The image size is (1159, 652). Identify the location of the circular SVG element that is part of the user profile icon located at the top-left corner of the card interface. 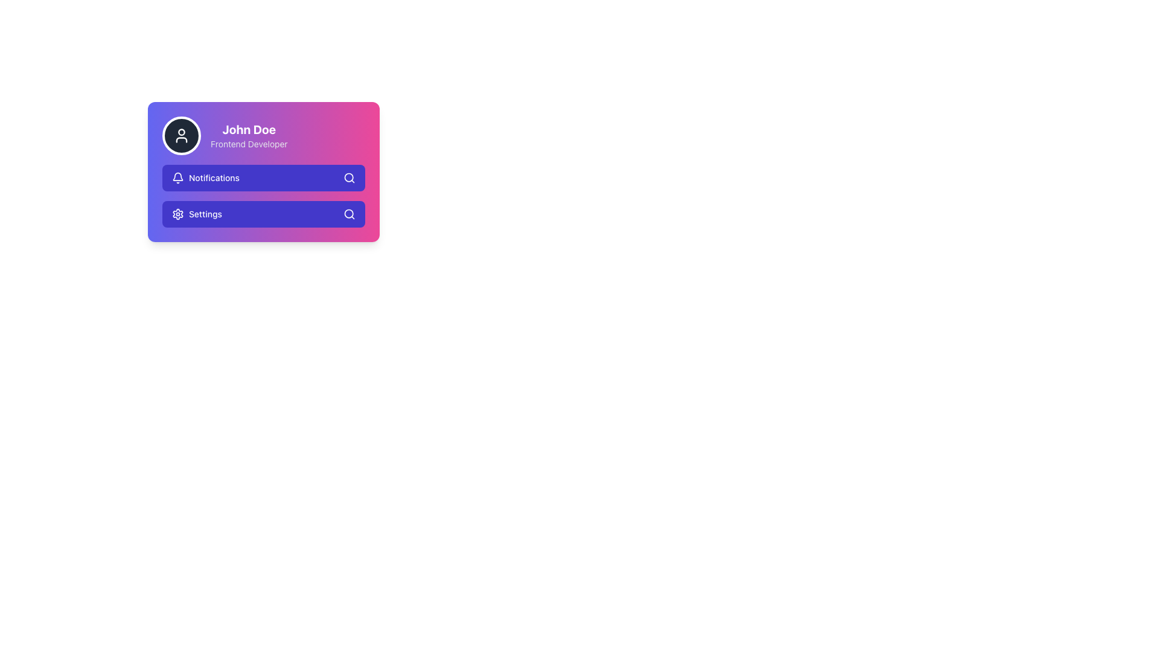
(181, 132).